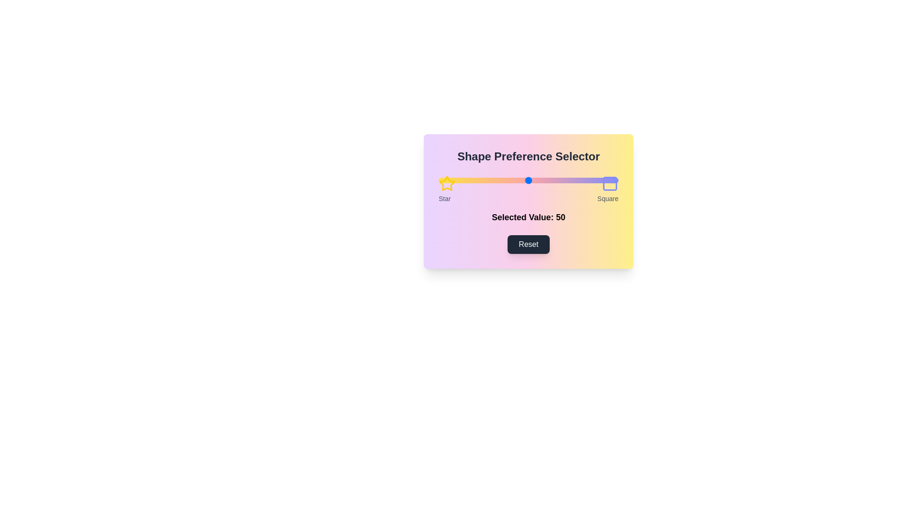 Image resolution: width=899 pixels, height=505 pixels. Describe the element at coordinates (528, 180) in the screenshot. I see `the slider element at its center position to observe visual feedback` at that location.